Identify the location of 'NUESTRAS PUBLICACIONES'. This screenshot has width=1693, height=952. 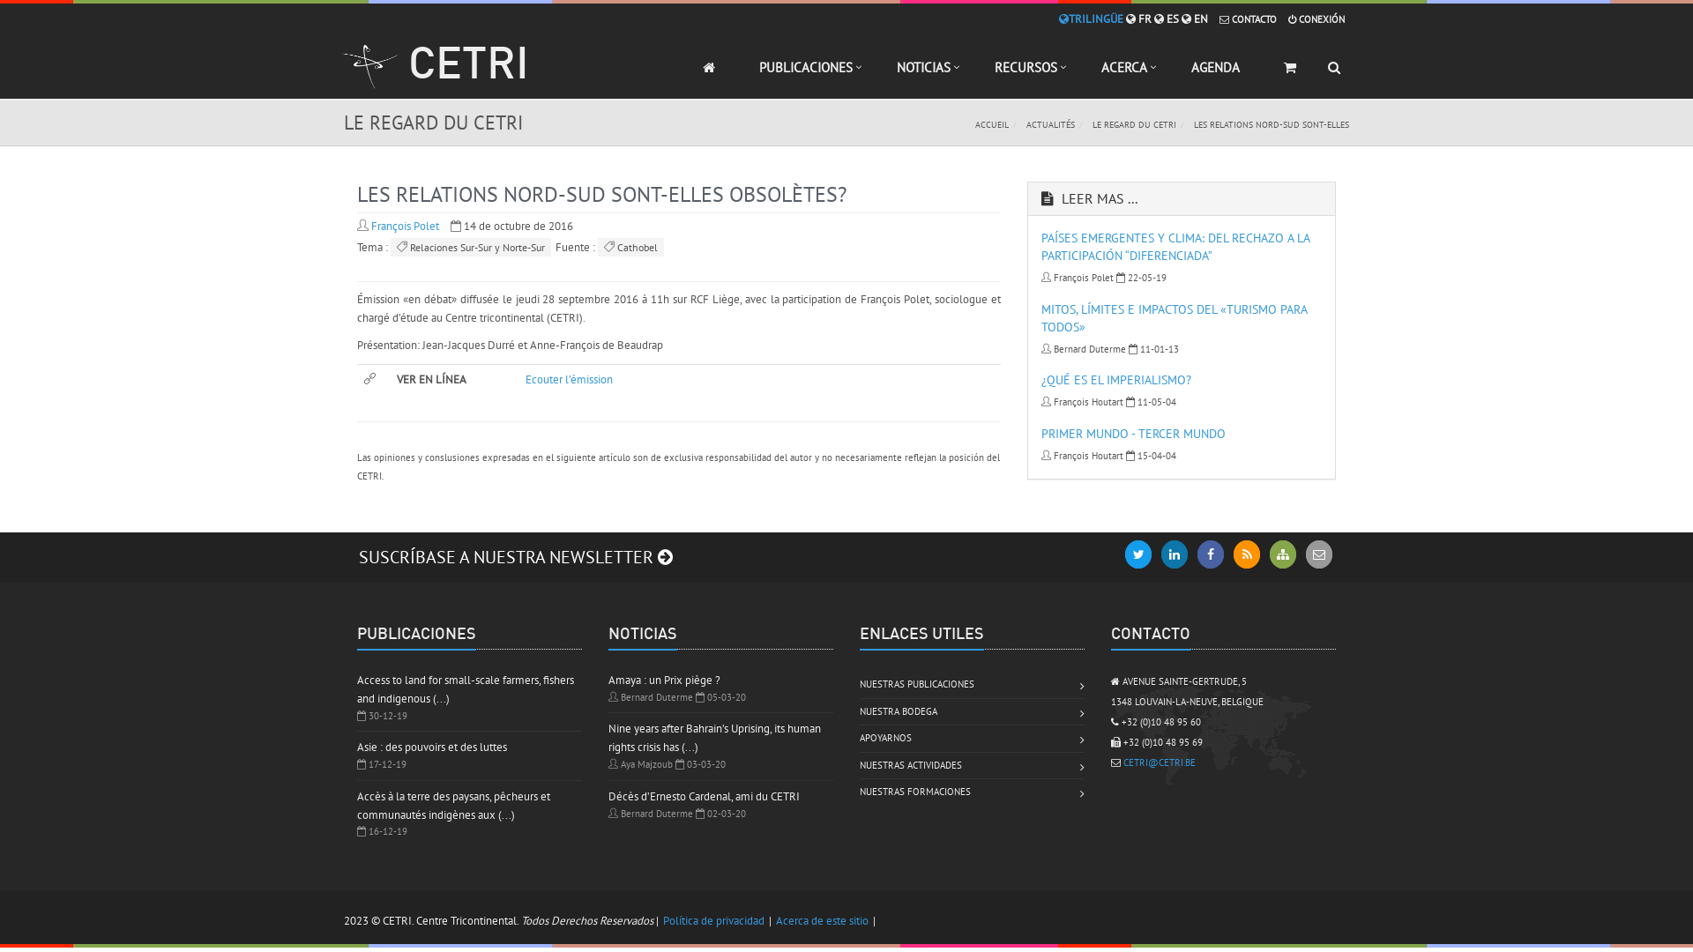
(859, 683).